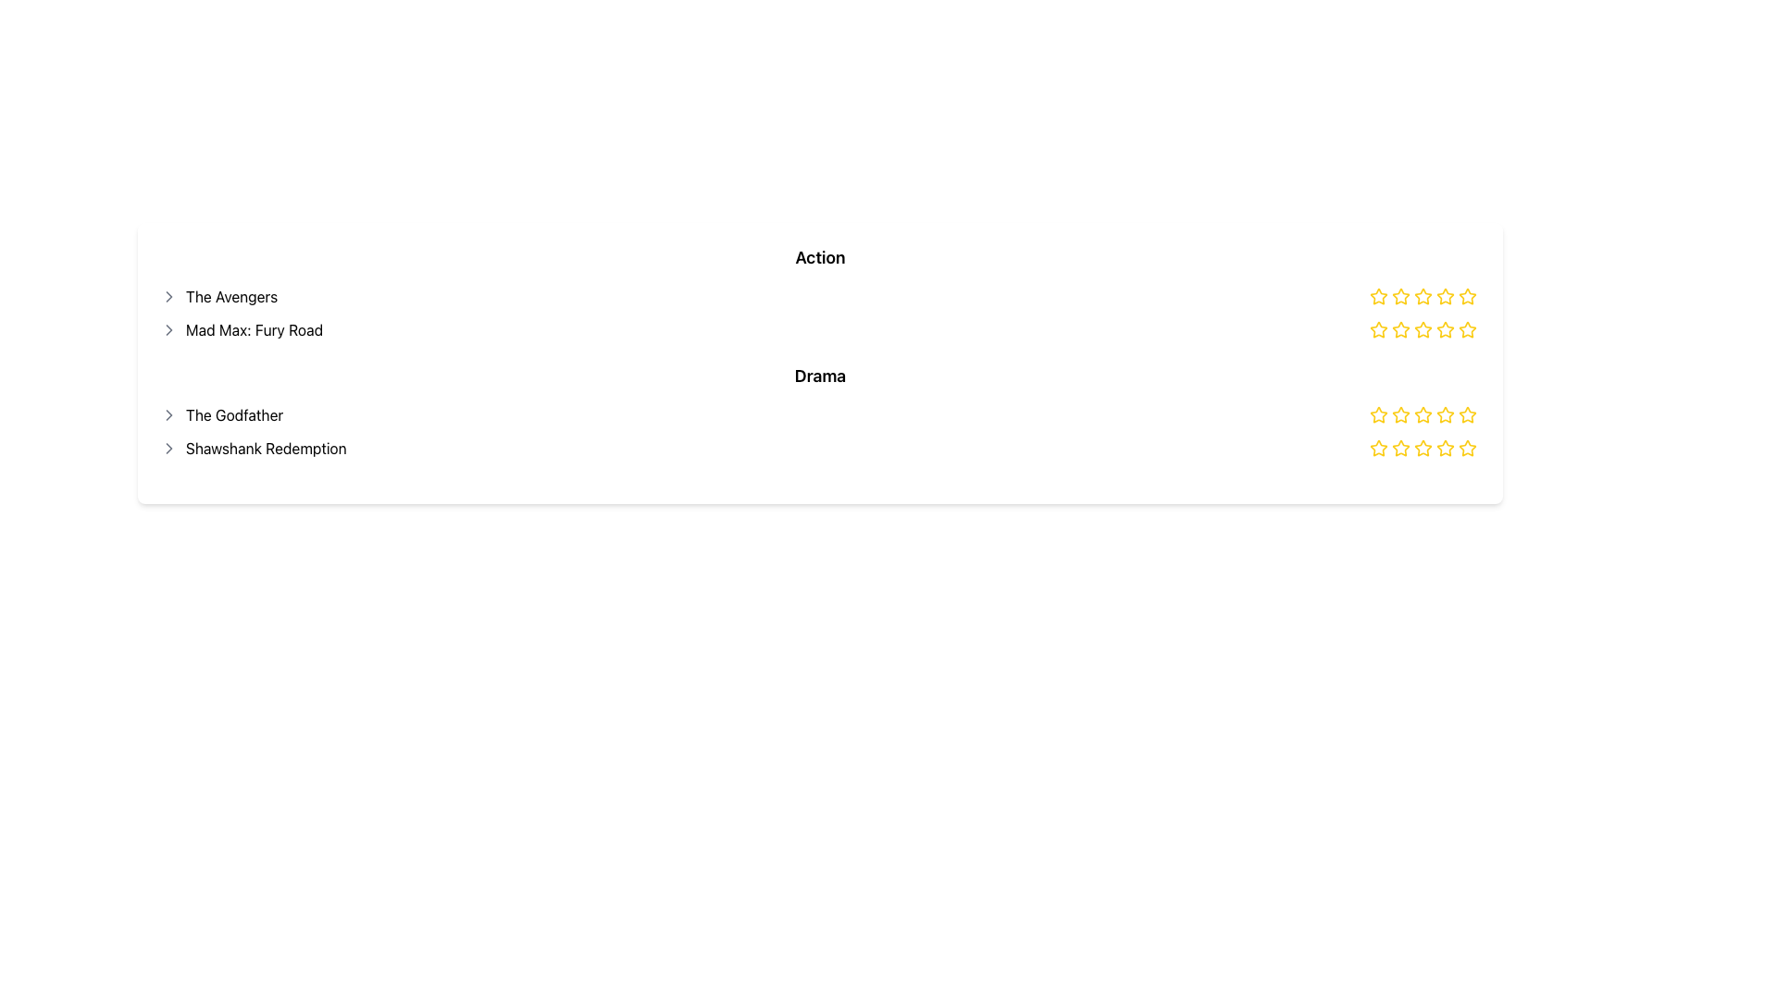  What do you see at coordinates (241, 329) in the screenshot?
I see `the text label 'Mad Max: Fury Road' which is the second item in the vertical list, located below 'The Avengers' and above 'The Godfather'` at bounding box center [241, 329].